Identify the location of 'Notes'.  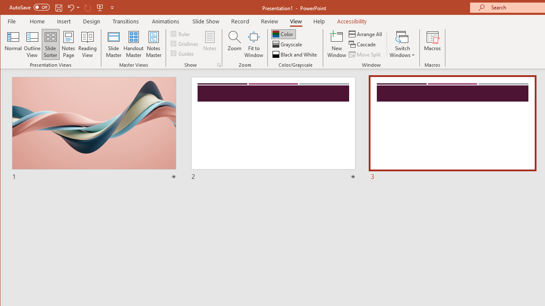
(210, 44).